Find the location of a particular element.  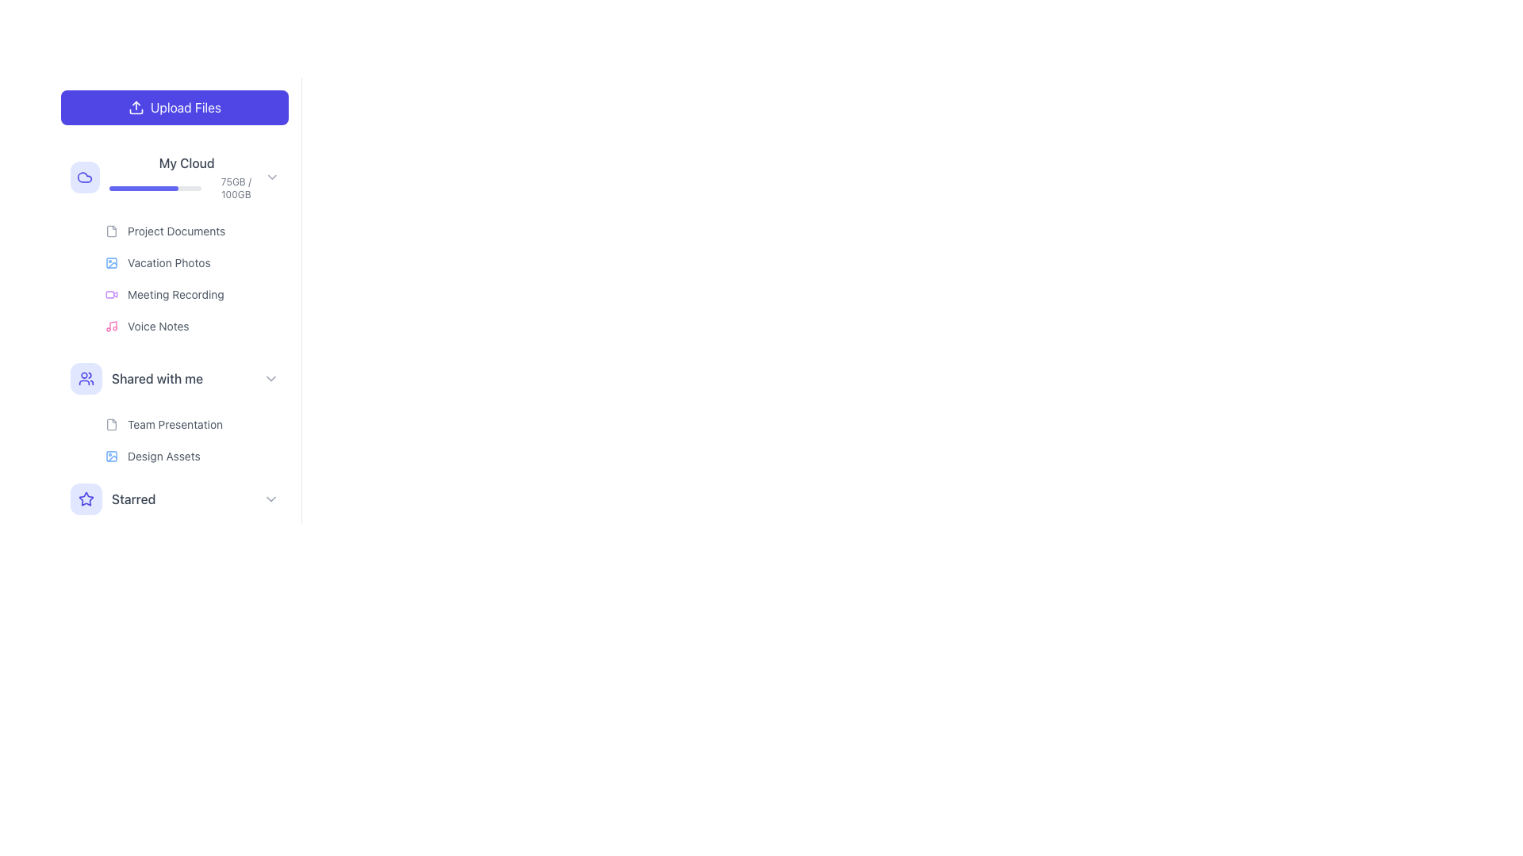

the visual representation of the blue icon with rounded corners and a circular shape, located to the left of the 'Design Assets' label in the 'Shared with me' section is located at coordinates (110, 456).